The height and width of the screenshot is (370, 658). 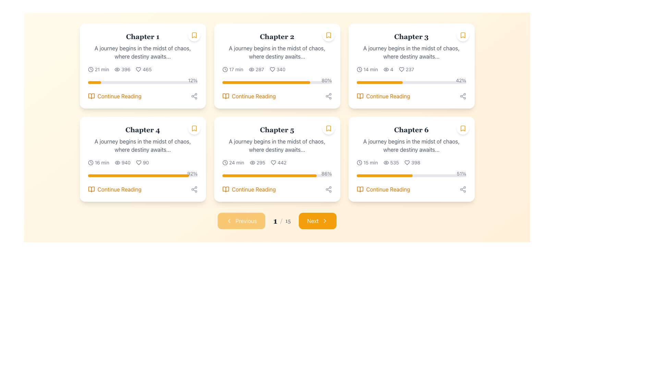 I want to click on the interactive link for 'Chapter 2', so click(x=277, y=96).